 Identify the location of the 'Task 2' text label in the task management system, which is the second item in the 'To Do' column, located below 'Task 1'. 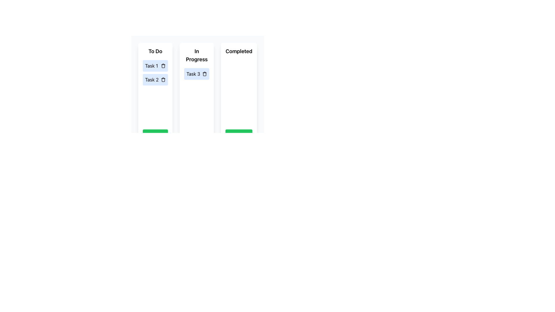
(152, 80).